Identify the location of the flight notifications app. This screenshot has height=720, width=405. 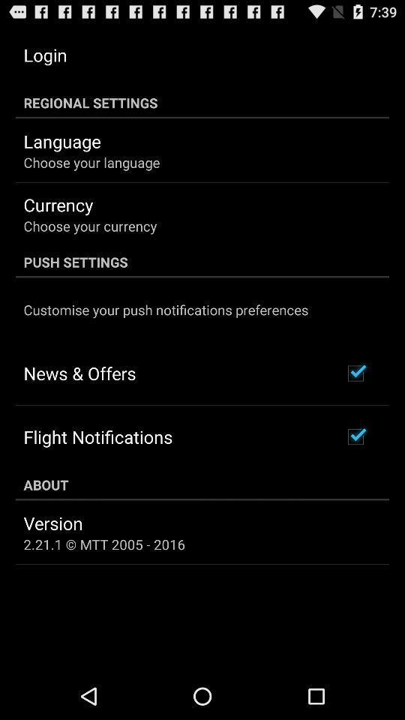
(97, 436).